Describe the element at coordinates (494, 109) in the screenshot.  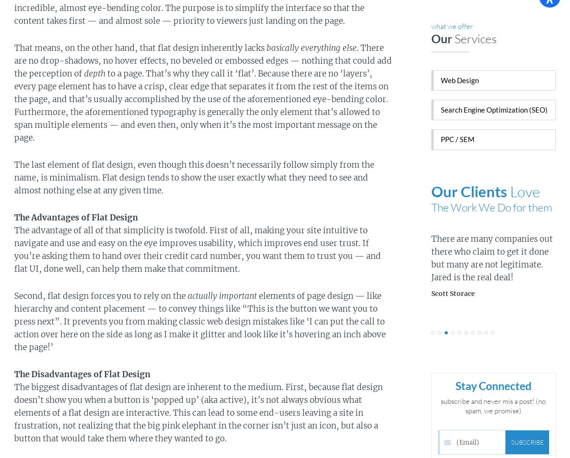
I see `'Search Engine Optimization (SEO)'` at that location.